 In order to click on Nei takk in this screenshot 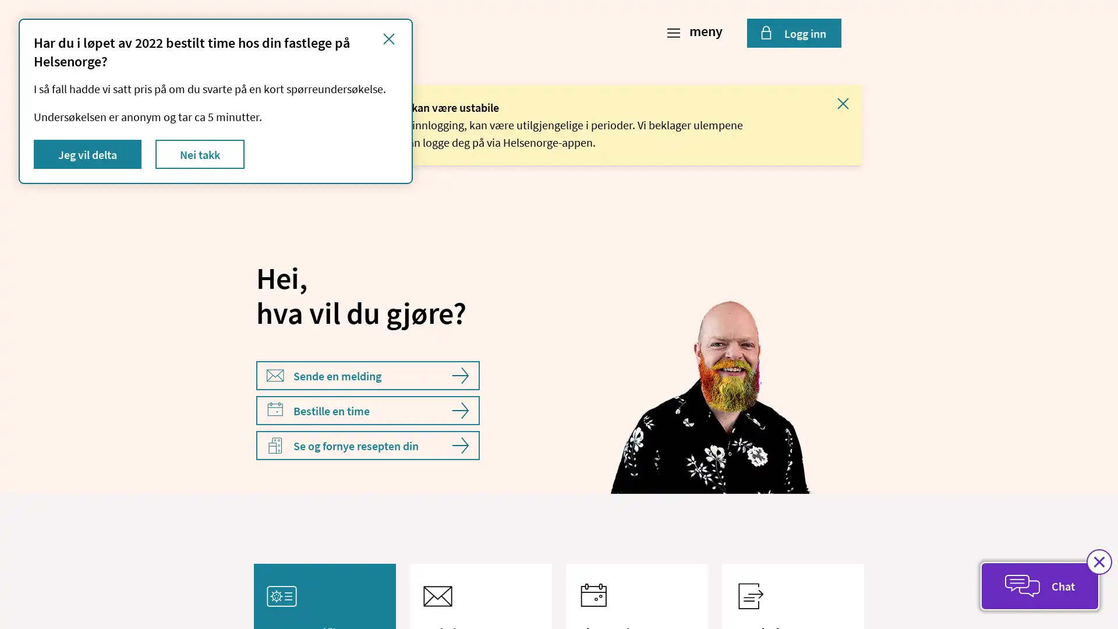, I will do `click(200, 154)`.